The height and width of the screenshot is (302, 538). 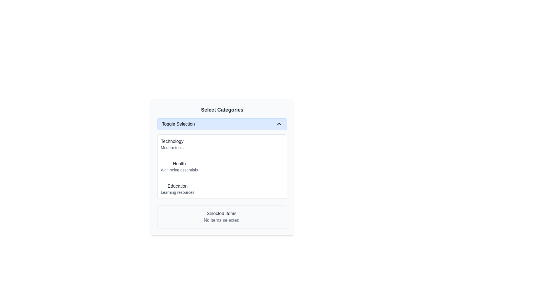 What do you see at coordinates (222, 216) in the screenshot?
I see `the Display panel located at the bottom of the 'Select Categories' section, which dynamically updates` at bounding box center [222, 216].